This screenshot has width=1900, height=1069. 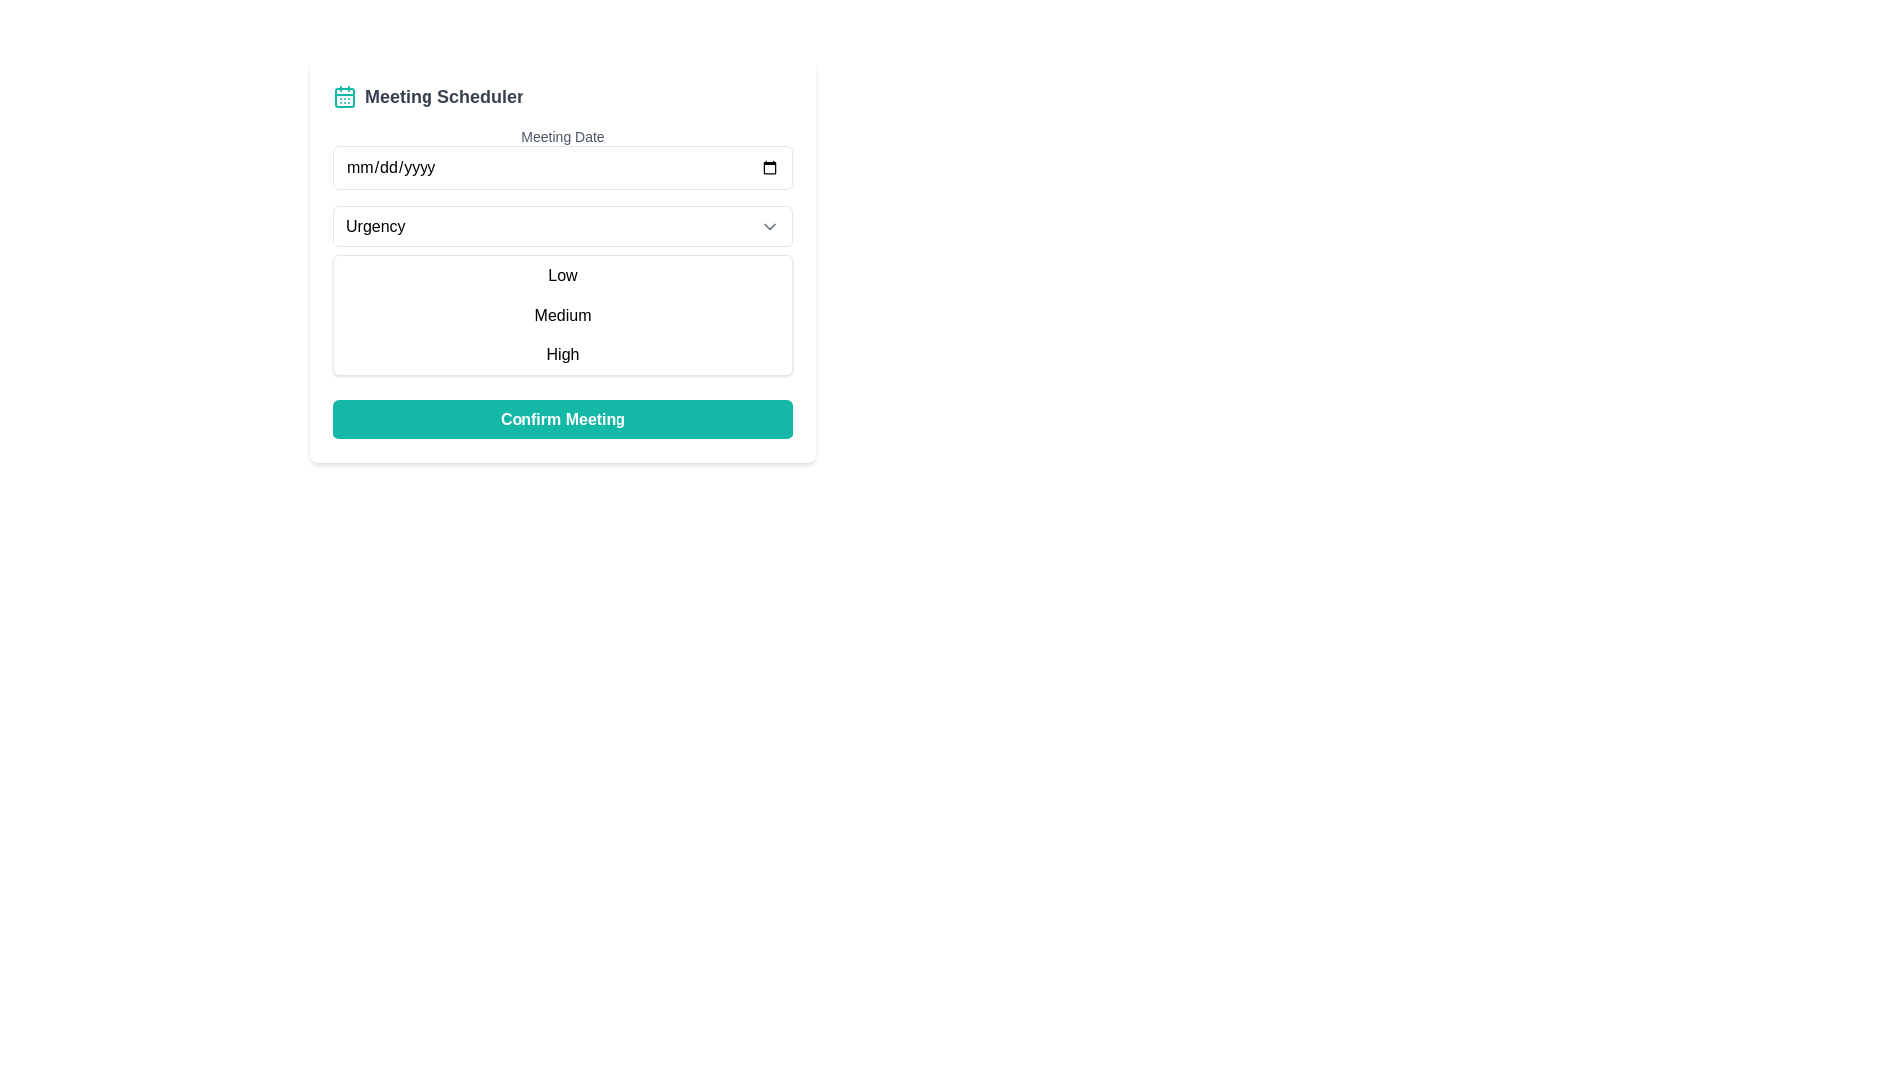 What do you see at coordinates (562, 419) in the screenshot?
I see `the confirm button located at the bottom of the meeting scheduling layout to finalize the meeting details entered by the user` at bounding box center [562, 419].